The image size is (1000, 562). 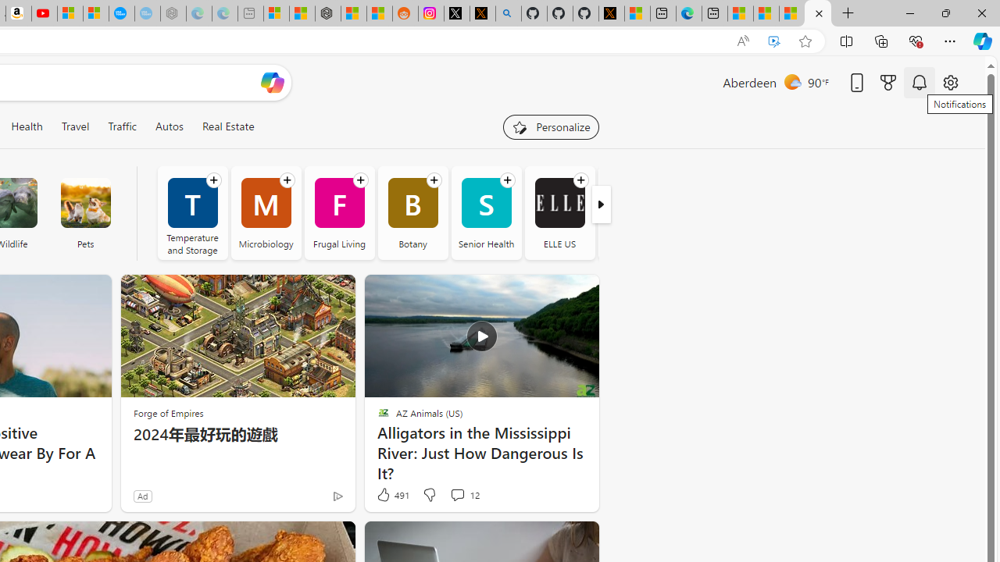 I want to click on 'Open settings', so click(x=949, y=82).